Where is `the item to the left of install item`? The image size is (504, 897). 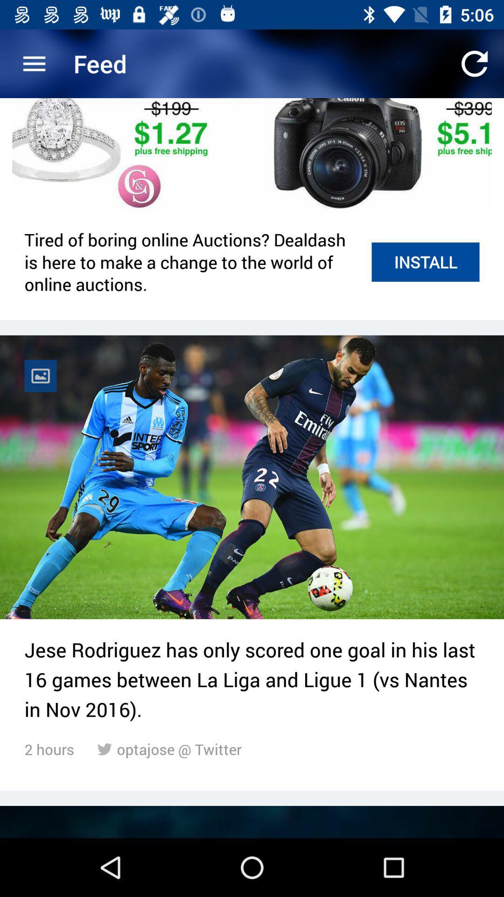 the item to the left of install item is located at coordinates (192, 262).